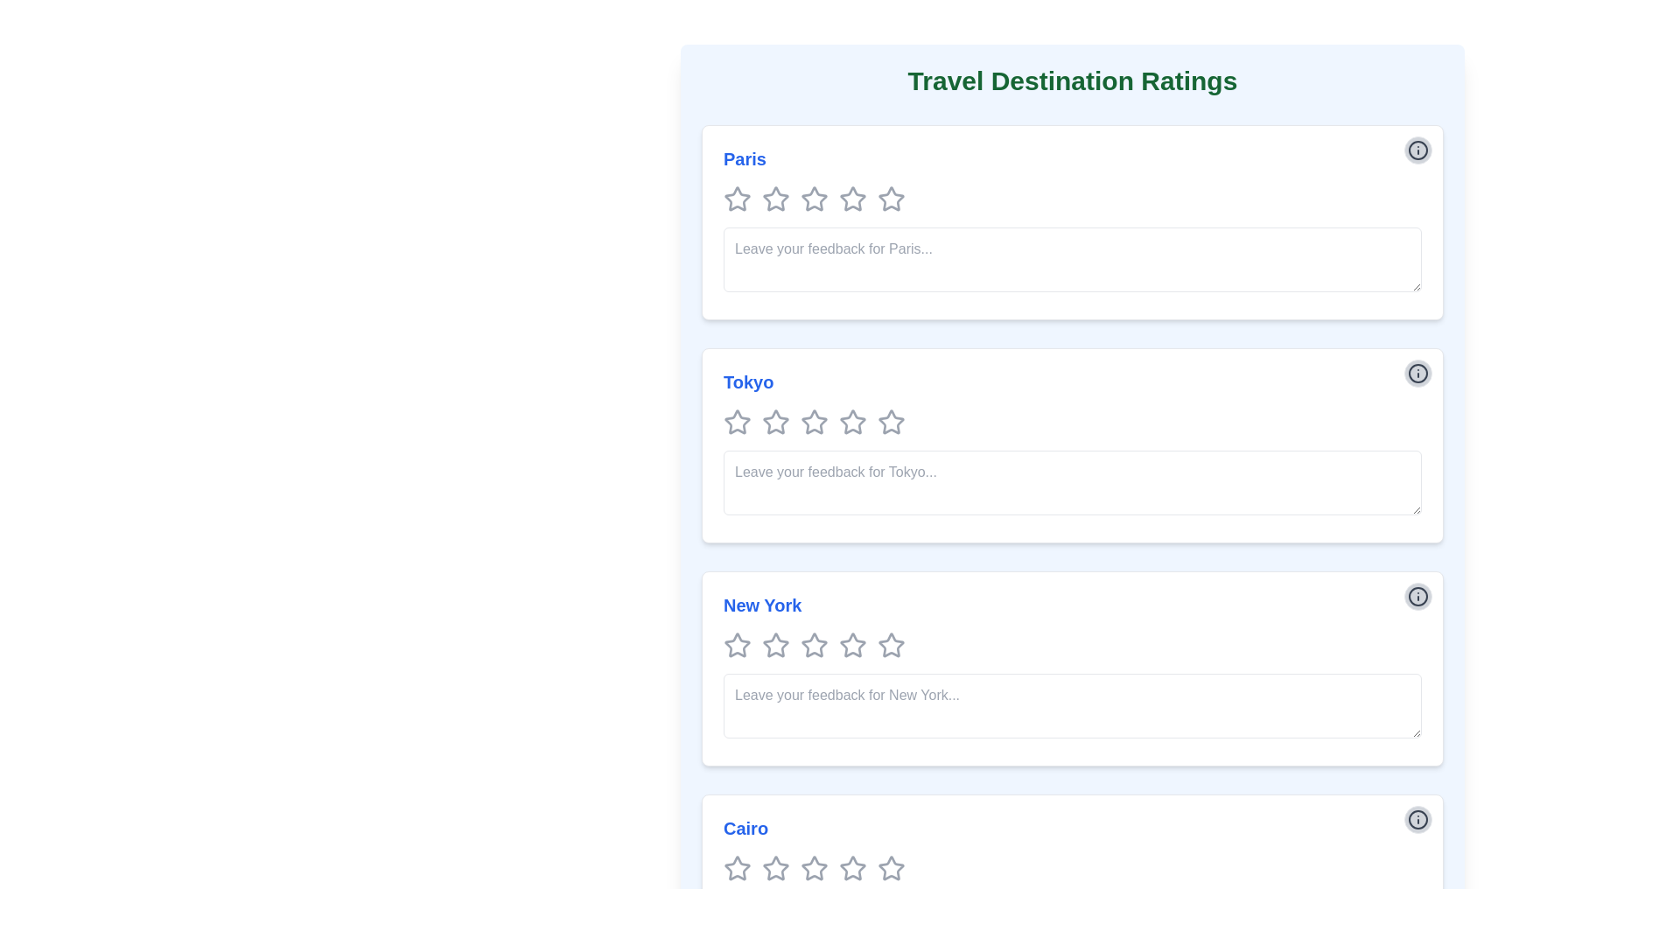 This screenshot has height=945, width=1680. What do you see at coordinates (852, 198) in the screenshot?
I see `the sixth star icon in the group of seven star icons` at bounding box center [852, 198].